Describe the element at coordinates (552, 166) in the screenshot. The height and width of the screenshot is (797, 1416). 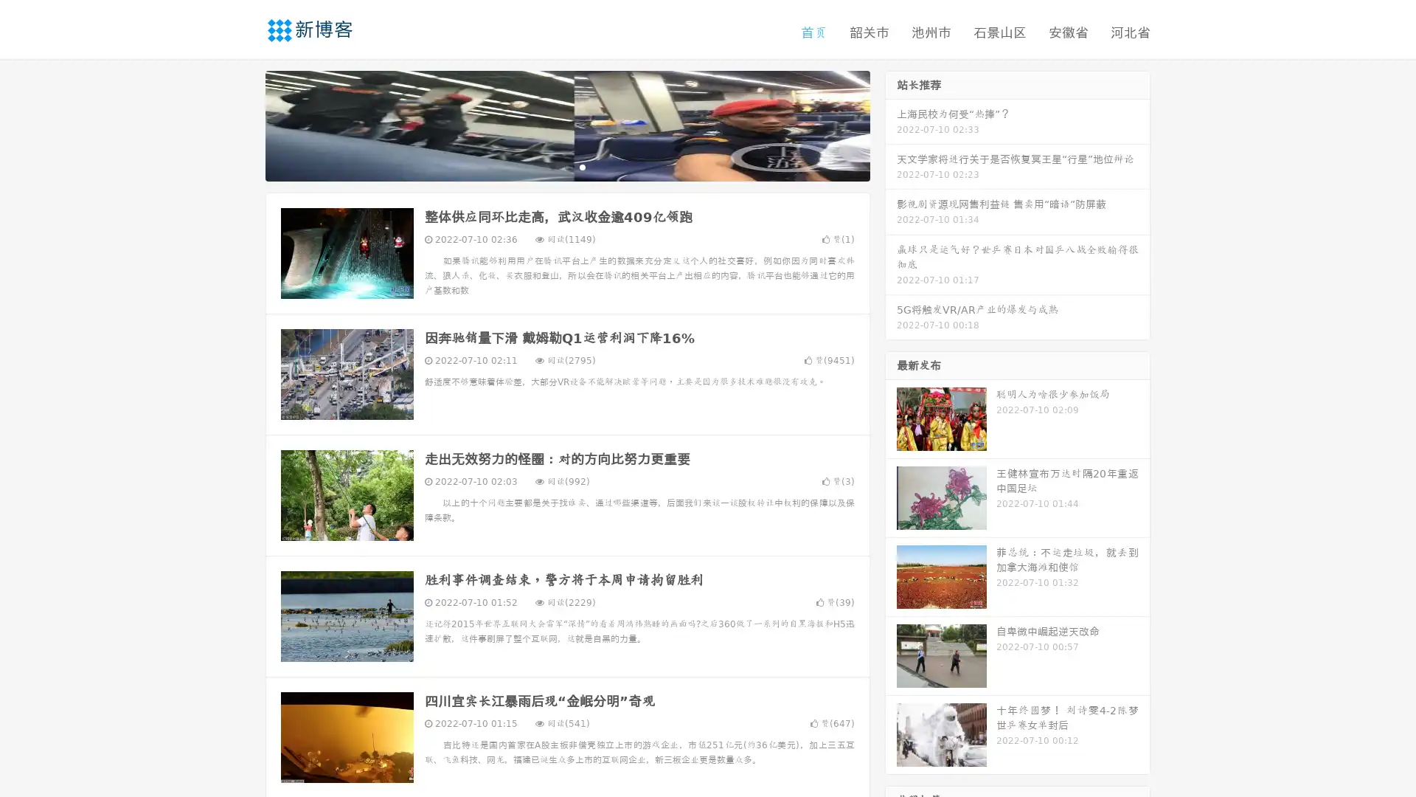
I see `Go to slide 1` at that location.